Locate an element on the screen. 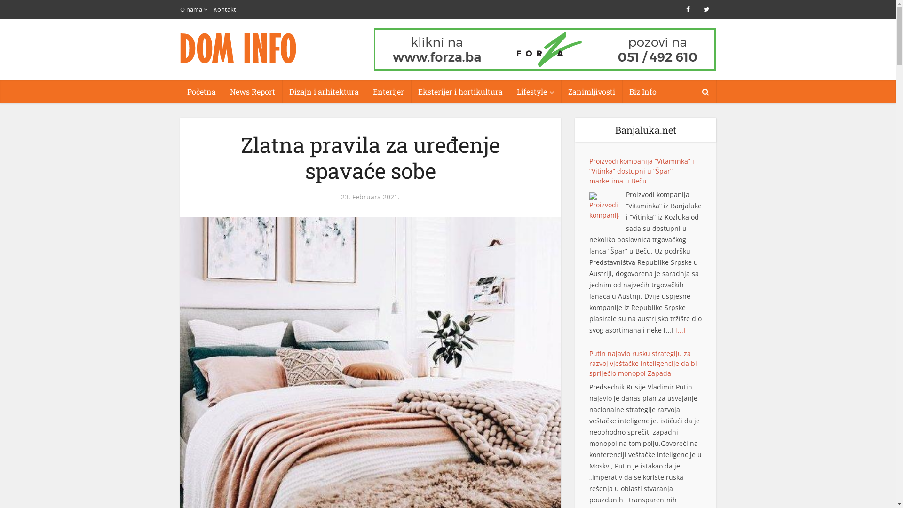  'Dizajn i arhitektura' is located at coordinates (324, 92).